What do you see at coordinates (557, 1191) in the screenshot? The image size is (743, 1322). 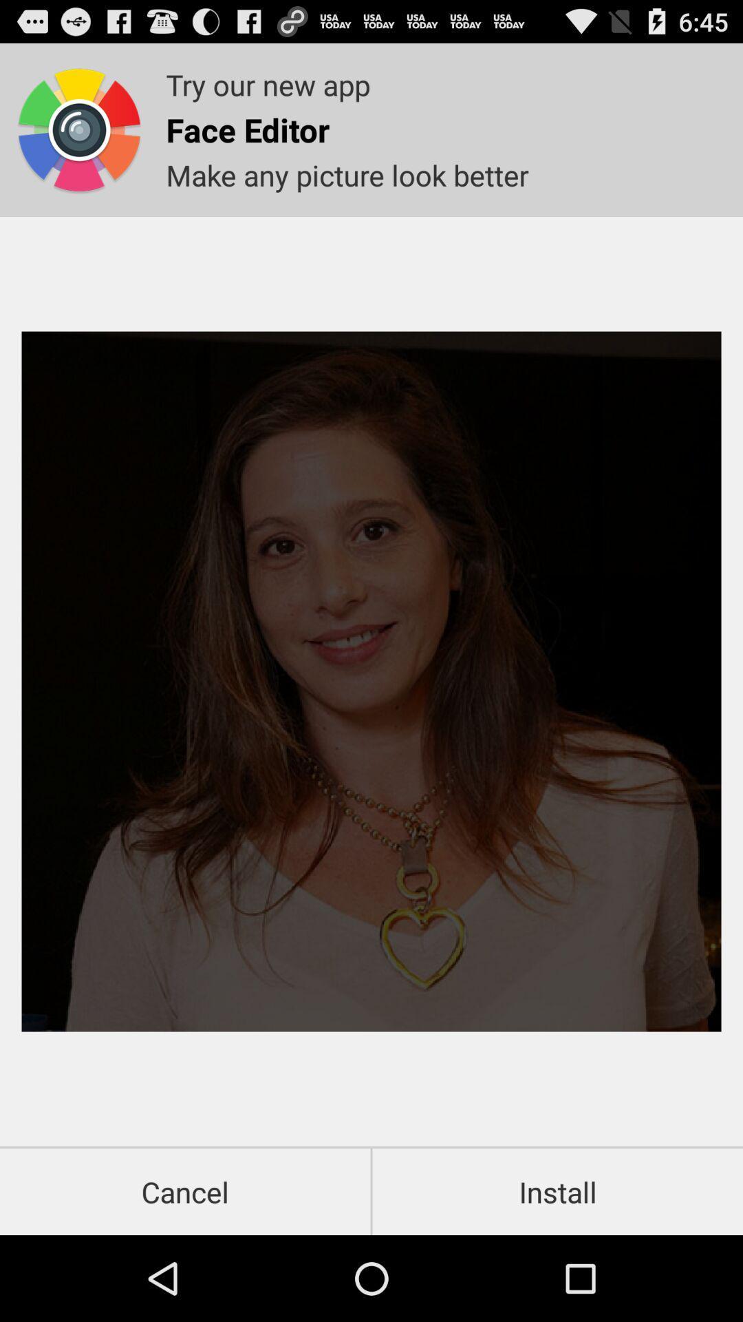 I see `the install icon` at bounding box center [557, 1191].